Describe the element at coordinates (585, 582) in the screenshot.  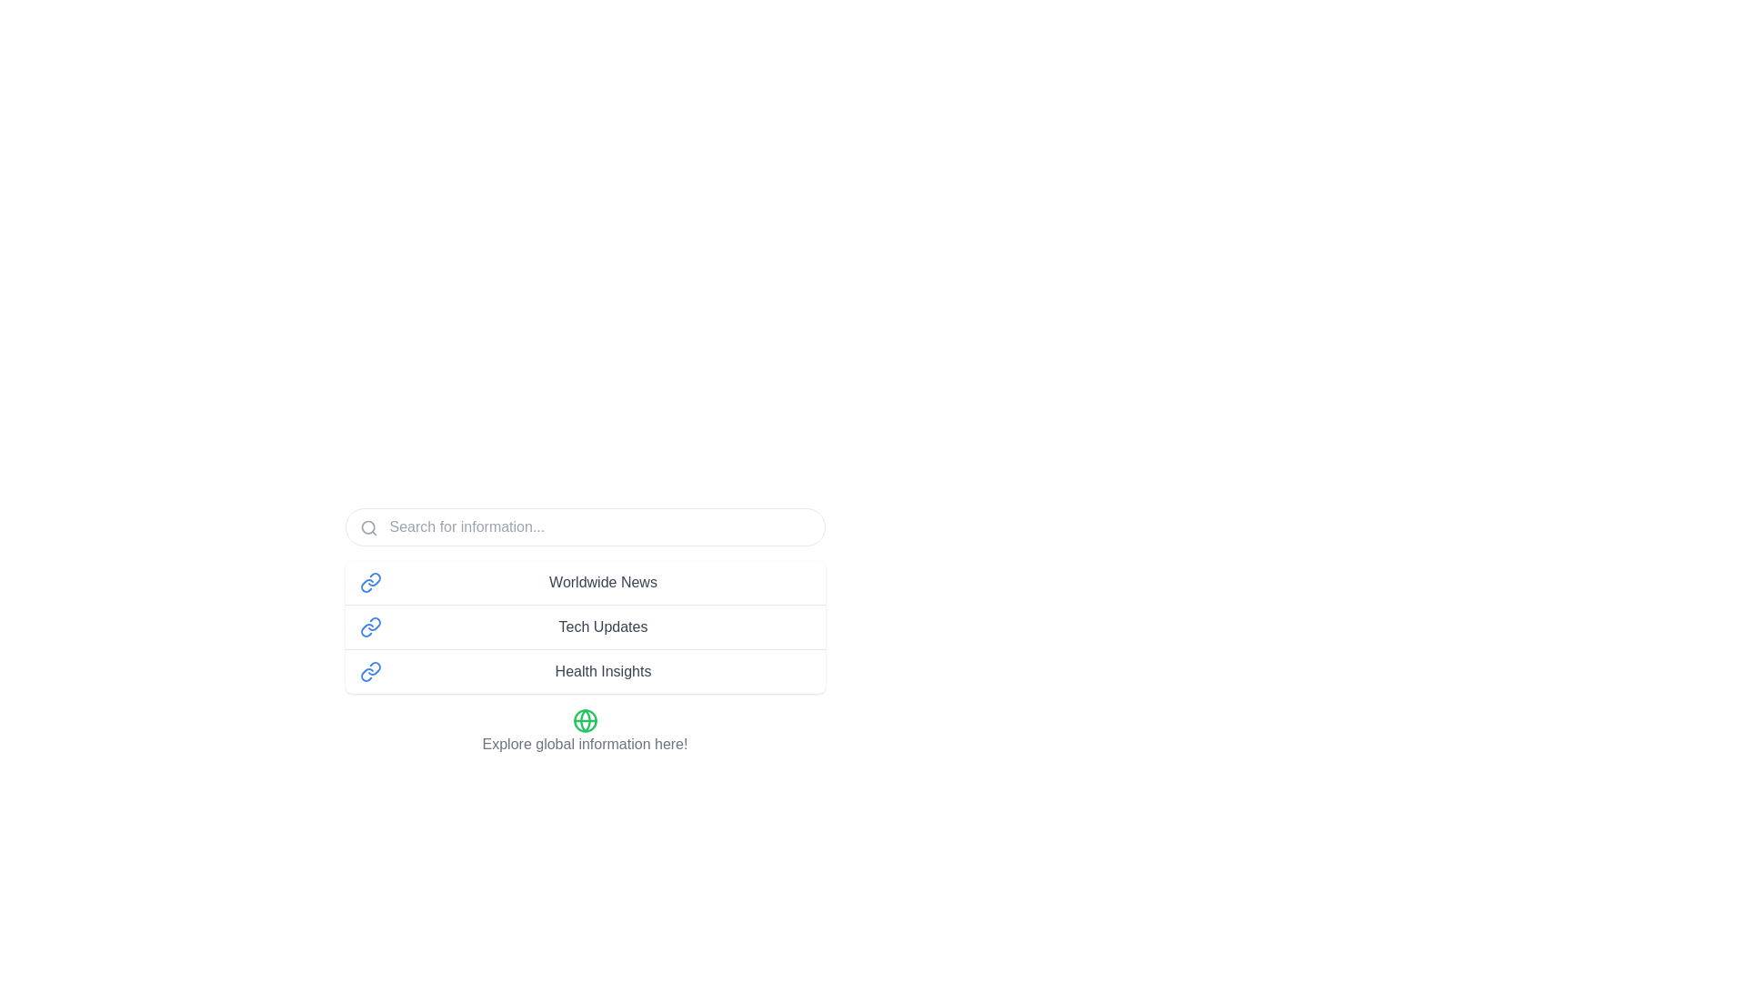
I see `the first list item in the vertically-stacked list that serves as a link to an external page about worldwide news` at that location.